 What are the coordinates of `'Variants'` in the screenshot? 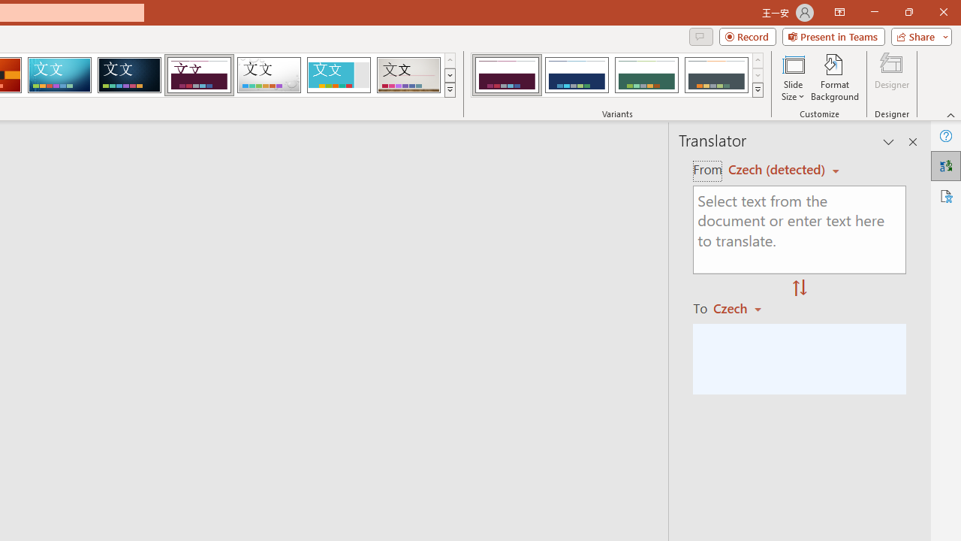 It's located at (758, 90).